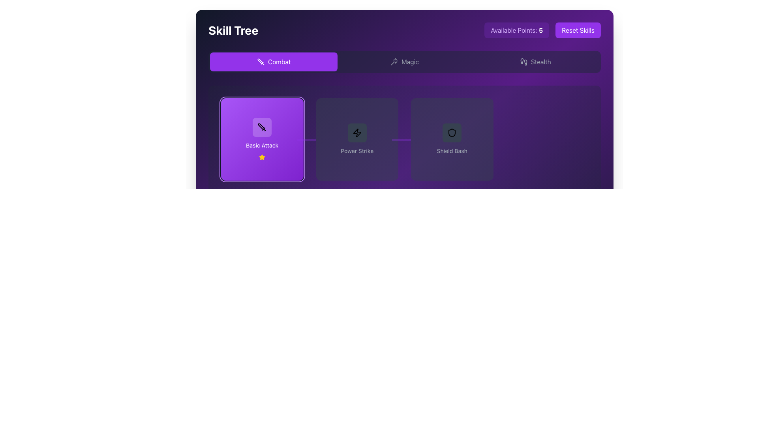 The width and height of the screenshot is (758, 426). What do you see at coordinates (404, 62) in the screenshot?
I see `the magic button located between the 'Combat' and 'Stealth' buttons in the top bar of the interface` at bounding box center [404, 62].